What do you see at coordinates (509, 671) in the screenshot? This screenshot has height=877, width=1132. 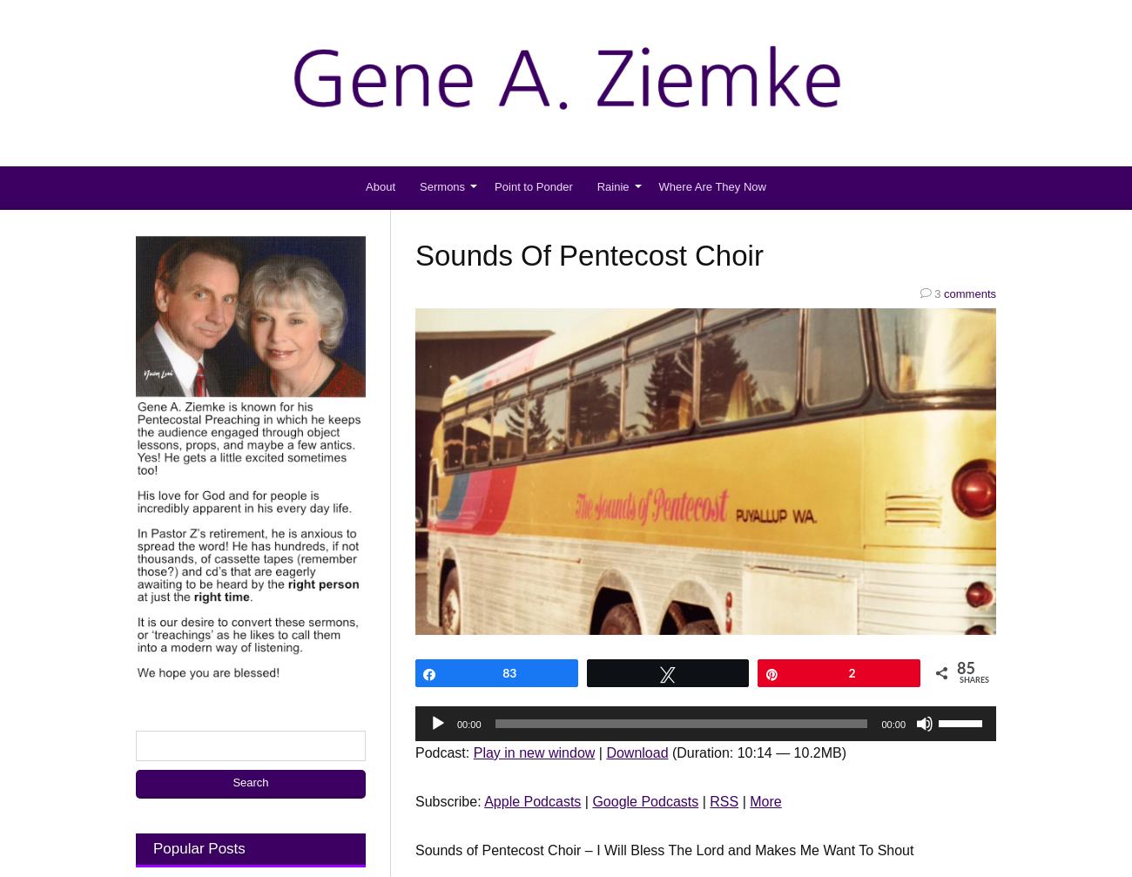 I see `'83'` at bounding box center [509, 671].